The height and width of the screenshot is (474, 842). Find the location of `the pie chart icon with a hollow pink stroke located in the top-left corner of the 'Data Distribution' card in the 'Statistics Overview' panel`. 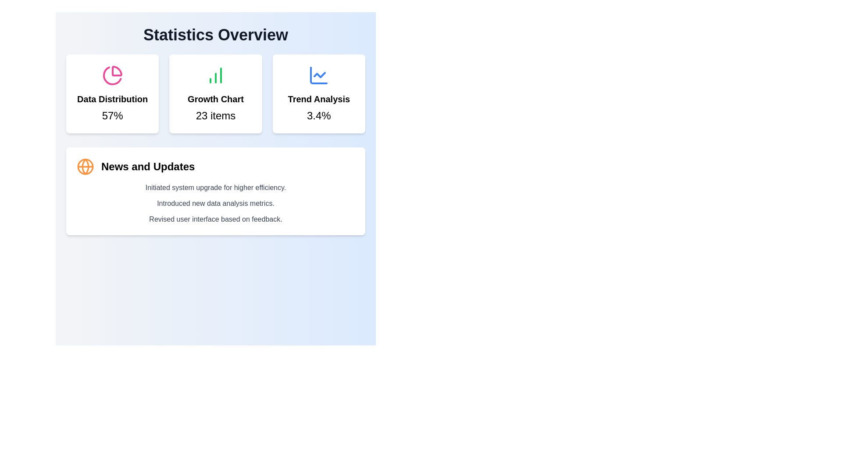

the pie chart icon with a hollow pink stroke located in the top-left corner of the 'Data Distribution' card in the 'Statistics Overview' panel is located at coordinates (112, 75).